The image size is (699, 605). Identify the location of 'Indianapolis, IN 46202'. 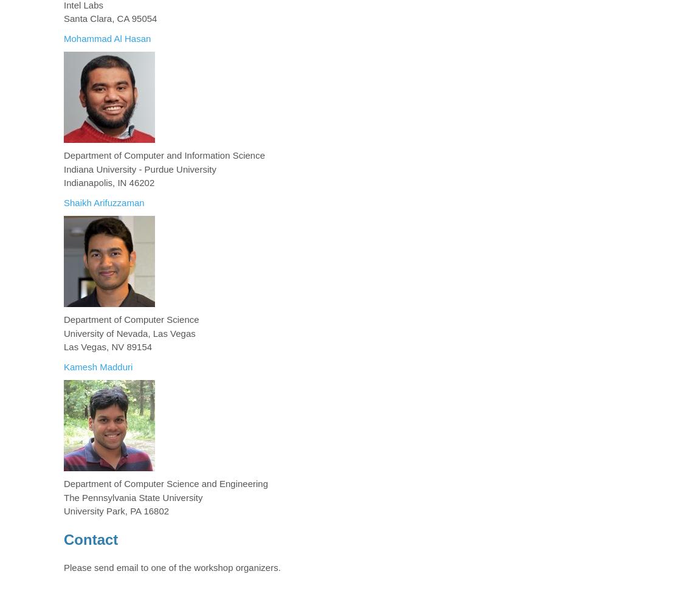
(108, 182).